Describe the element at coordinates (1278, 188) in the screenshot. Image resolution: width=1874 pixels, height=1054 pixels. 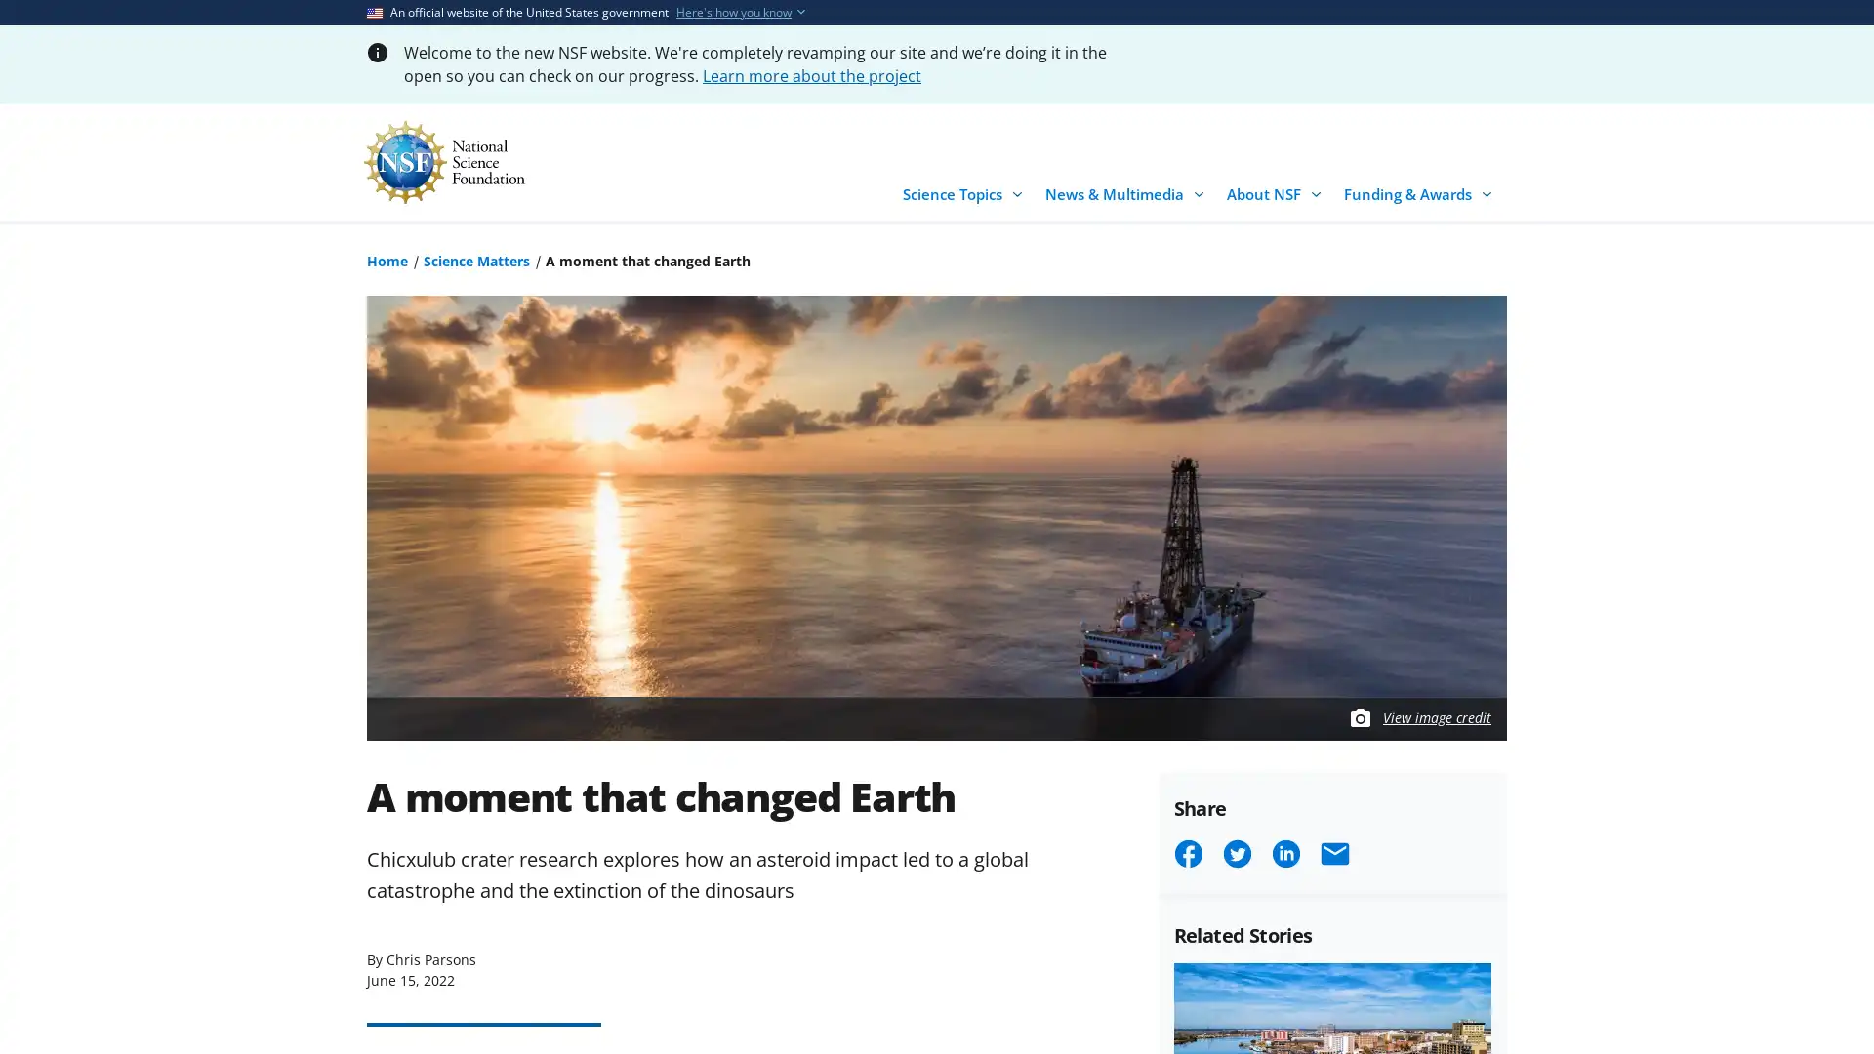
I see `About NSF` at that location.